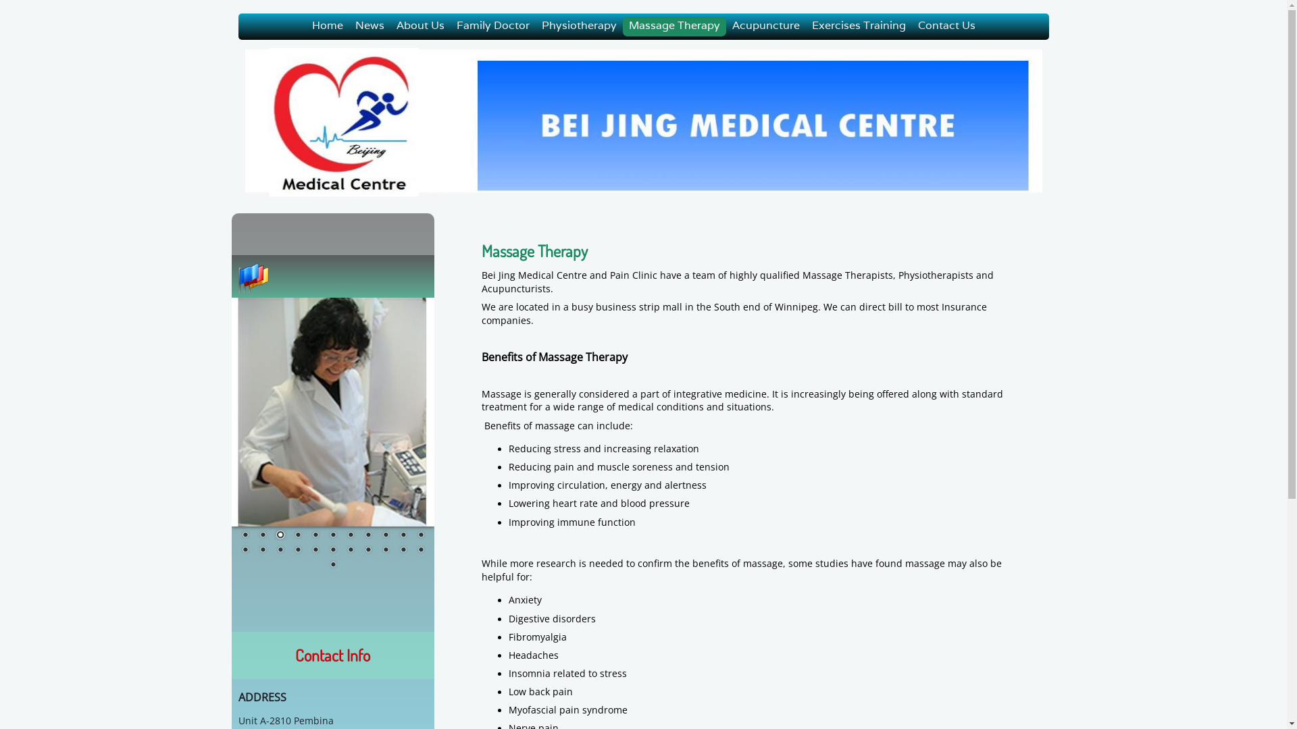  Describe the element at coordinates (333, 565) in the screenshot. I see `'23'` at that location.